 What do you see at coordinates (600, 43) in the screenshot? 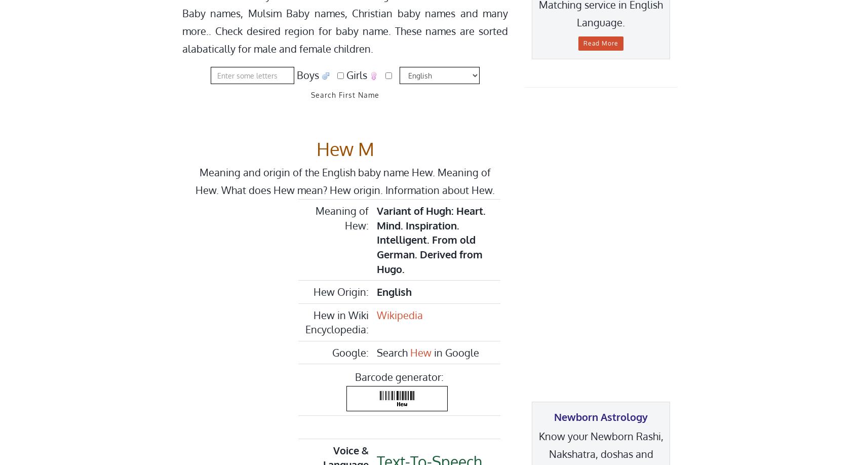
I see `'Read More'` at bounding box center [600, 43].